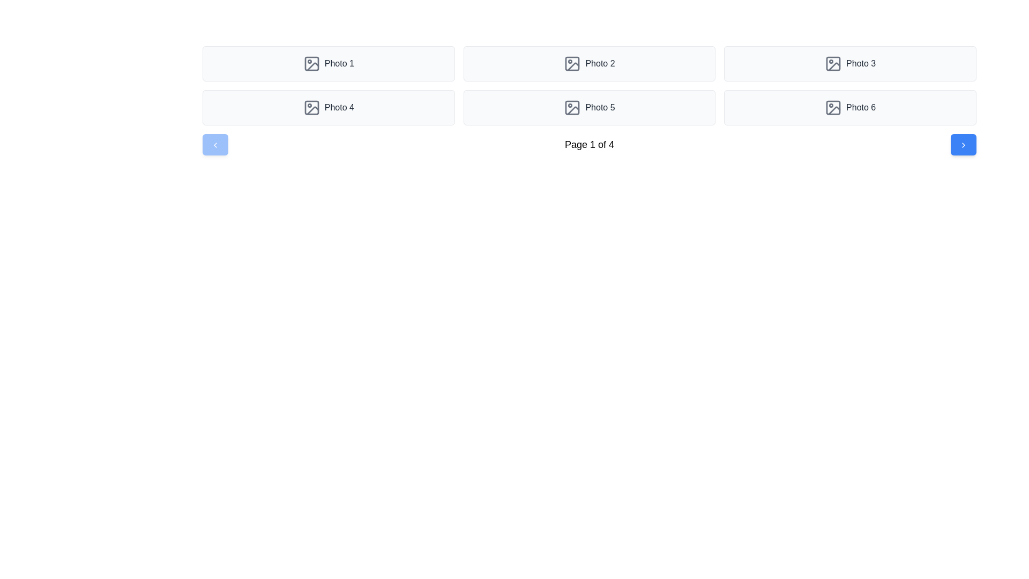  I want to click on the Card or tile component representing 'Photo 4', which is located in the 3-column grid layout, first position in the second row, so click(328, 107).